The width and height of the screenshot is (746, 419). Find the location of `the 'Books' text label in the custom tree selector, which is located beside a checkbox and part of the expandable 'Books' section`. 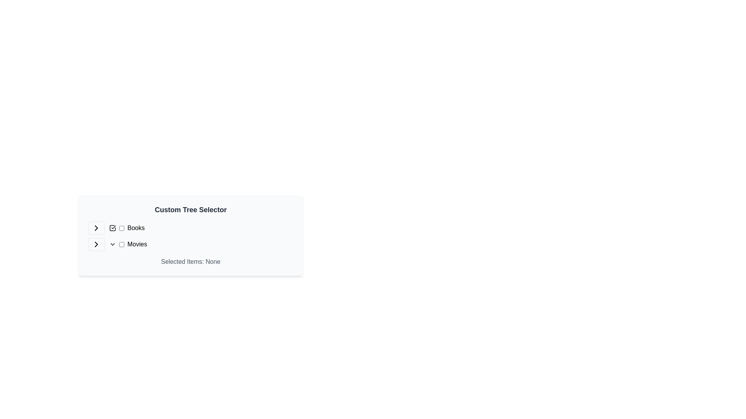

the 'Books' text label in the custom tree selector, which is located beside a checkbox and part of the expandable 'Books' section is located at coordinates (127, 227).